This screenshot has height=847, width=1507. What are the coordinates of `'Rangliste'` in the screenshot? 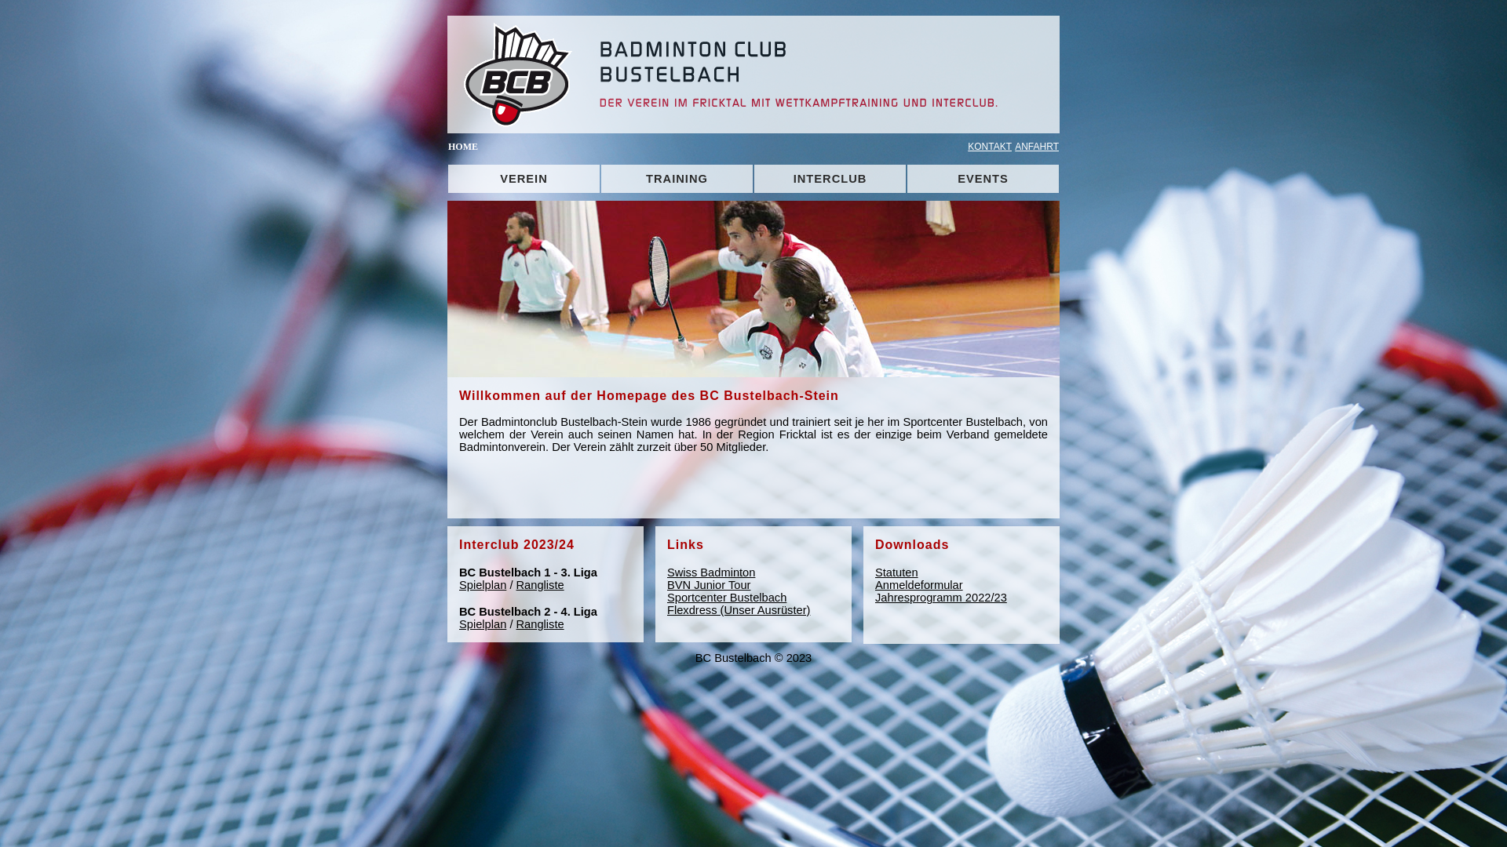 It's located at (540, 623).